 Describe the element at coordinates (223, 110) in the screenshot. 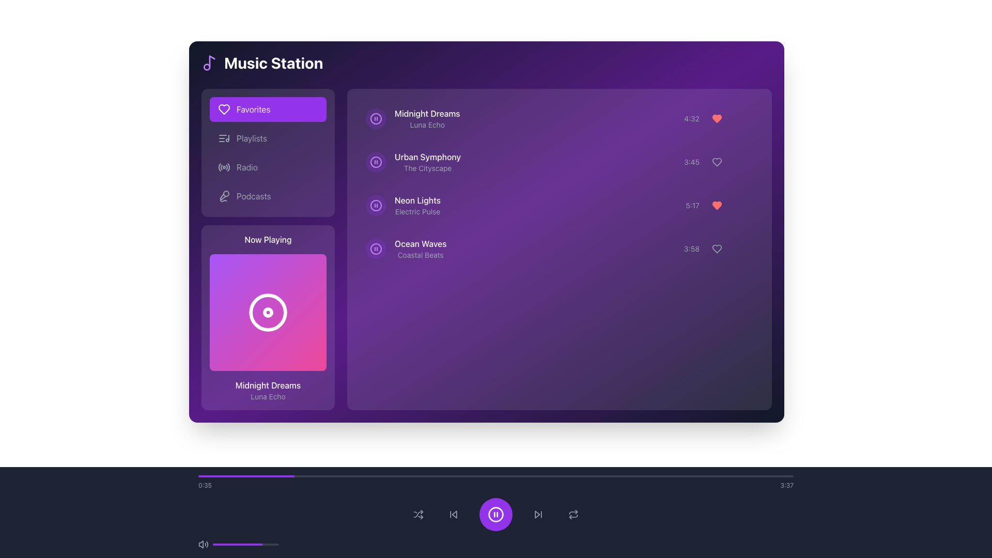

I see `the visual representation of the Favorites icon located in the left sidebar, adjacent to the 'Favorites' label` at that location.